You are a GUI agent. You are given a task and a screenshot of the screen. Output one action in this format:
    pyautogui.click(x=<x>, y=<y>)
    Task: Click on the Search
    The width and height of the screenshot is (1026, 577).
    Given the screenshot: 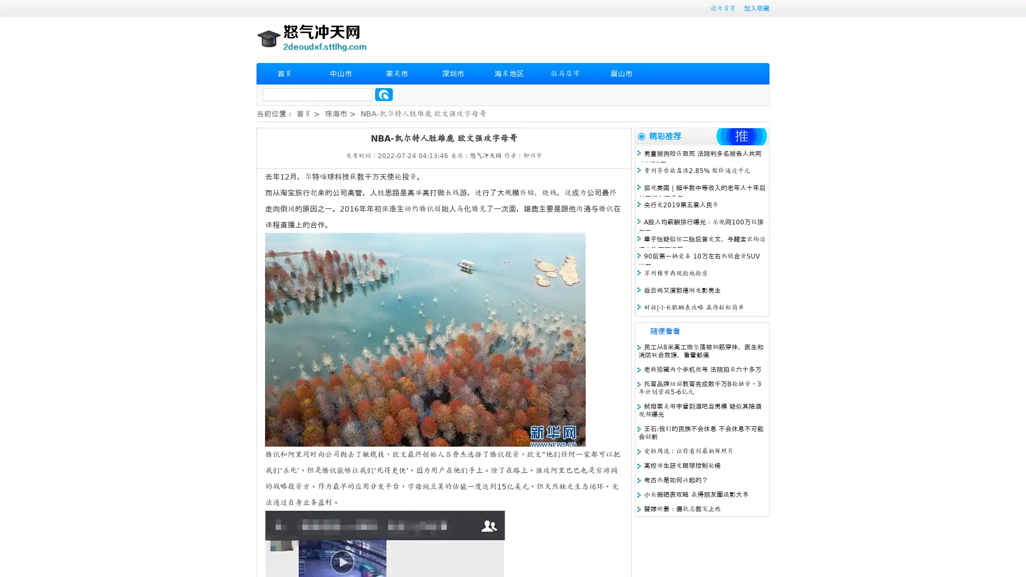 What is the action you would take?
    pyautogui.click(x=384, y=94)
    